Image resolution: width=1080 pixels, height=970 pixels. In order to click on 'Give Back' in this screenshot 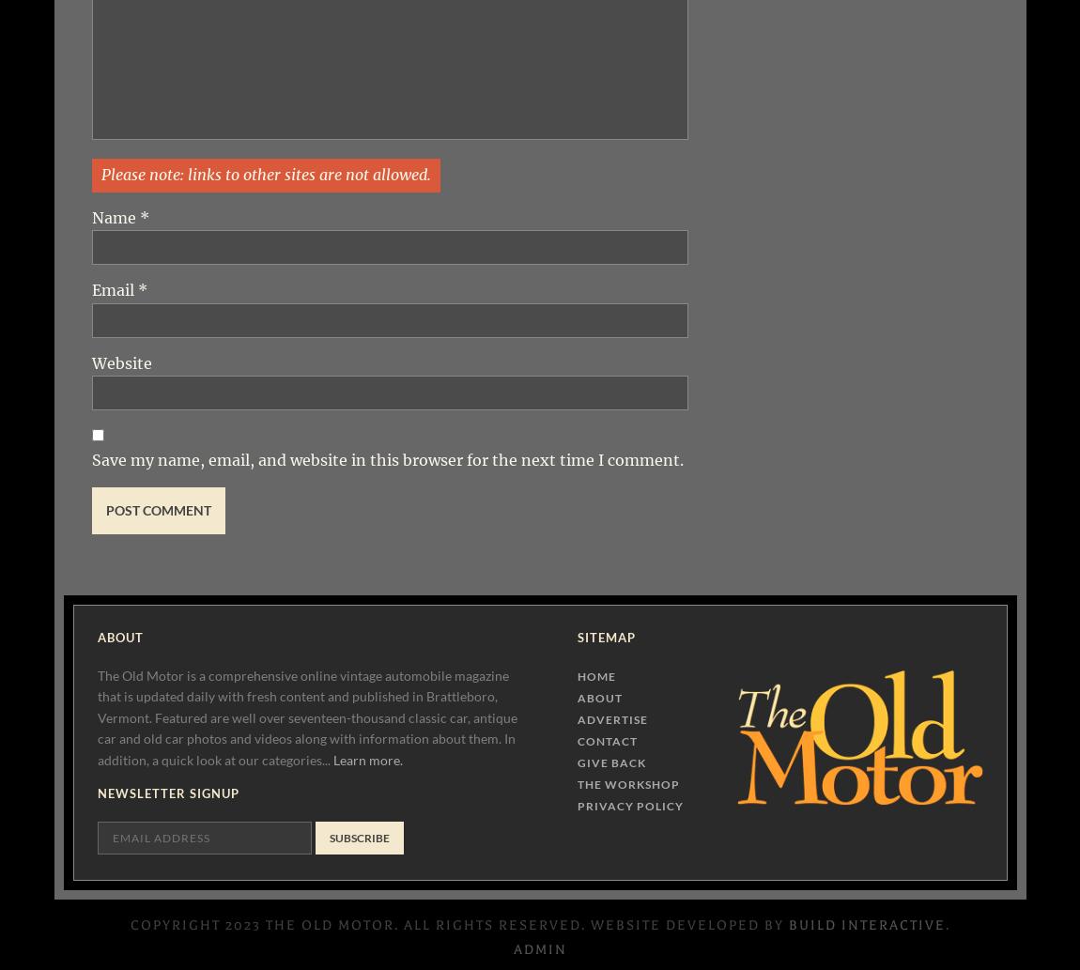, I will do `click(610, 762)`.